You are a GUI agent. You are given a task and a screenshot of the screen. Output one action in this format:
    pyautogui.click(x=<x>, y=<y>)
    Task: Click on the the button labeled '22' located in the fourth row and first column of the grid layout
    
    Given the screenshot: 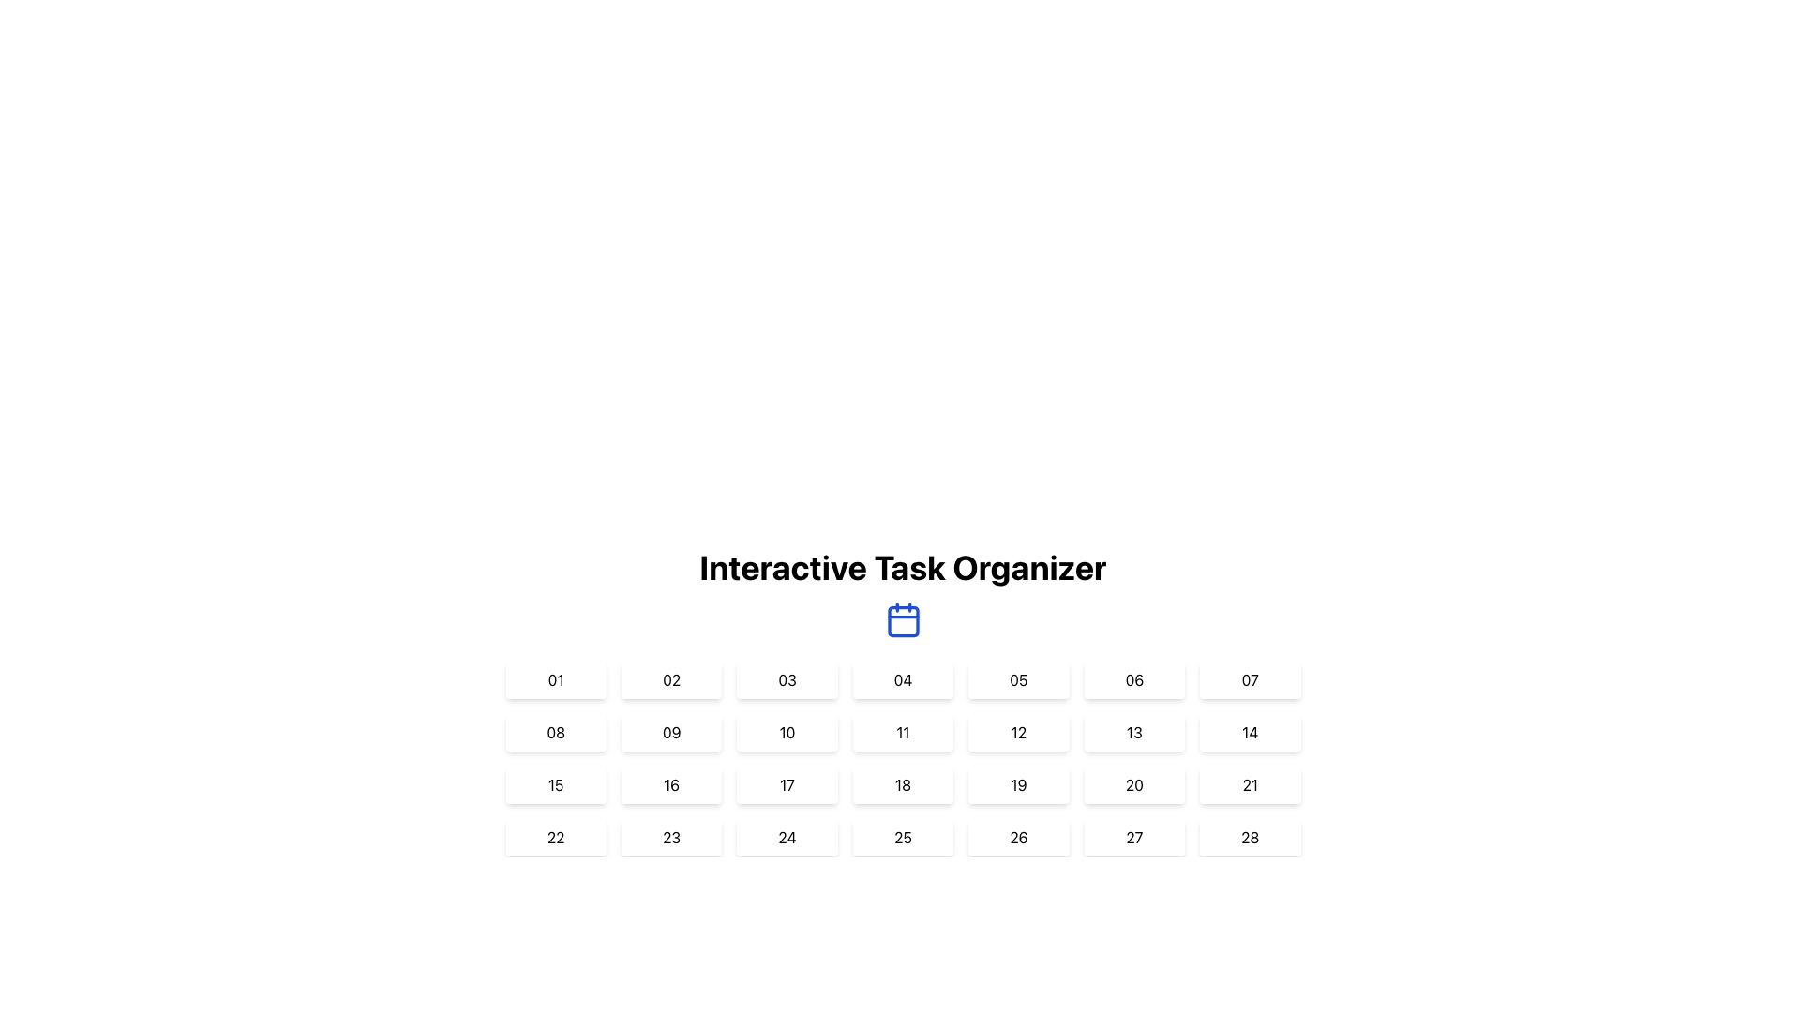 What is the action you would take?
    pyautogui.click(x=555, y=837)
    